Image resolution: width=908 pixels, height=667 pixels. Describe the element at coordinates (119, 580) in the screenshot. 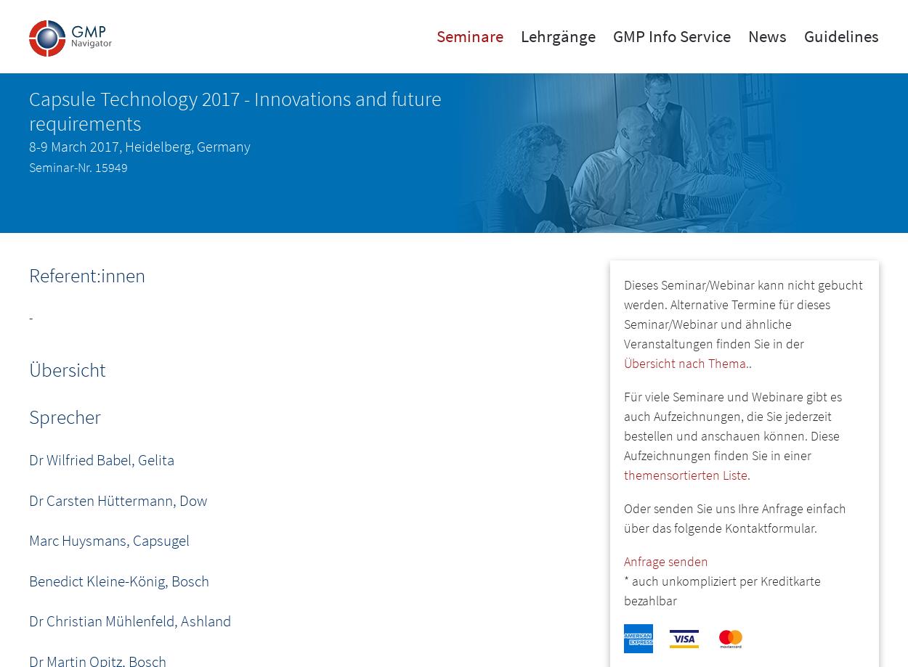

I see `'Benedict Kleine-König, Bosch'` at that location.